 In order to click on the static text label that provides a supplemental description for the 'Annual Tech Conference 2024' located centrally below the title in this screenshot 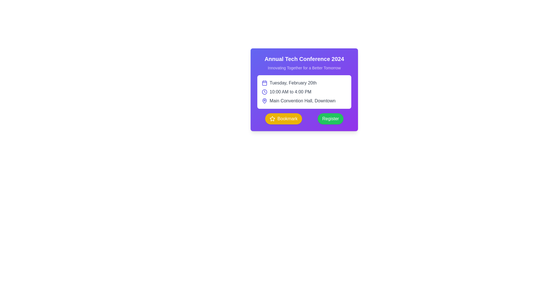, I will do `click(304, 68)`.